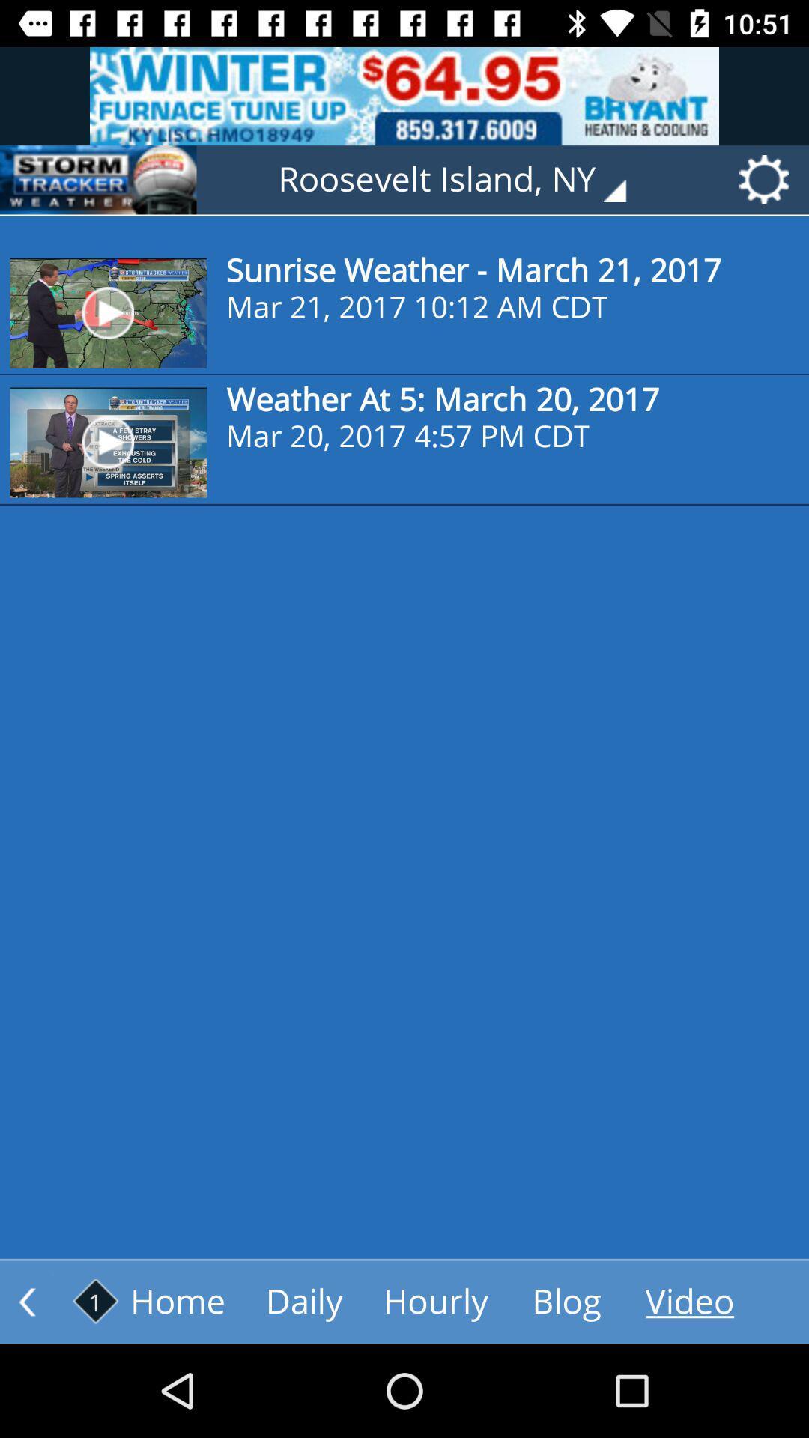  What do you see at coordinates (404, 95) in the screenshot?
I see `the advertisement` at bounding box center [404, 95].